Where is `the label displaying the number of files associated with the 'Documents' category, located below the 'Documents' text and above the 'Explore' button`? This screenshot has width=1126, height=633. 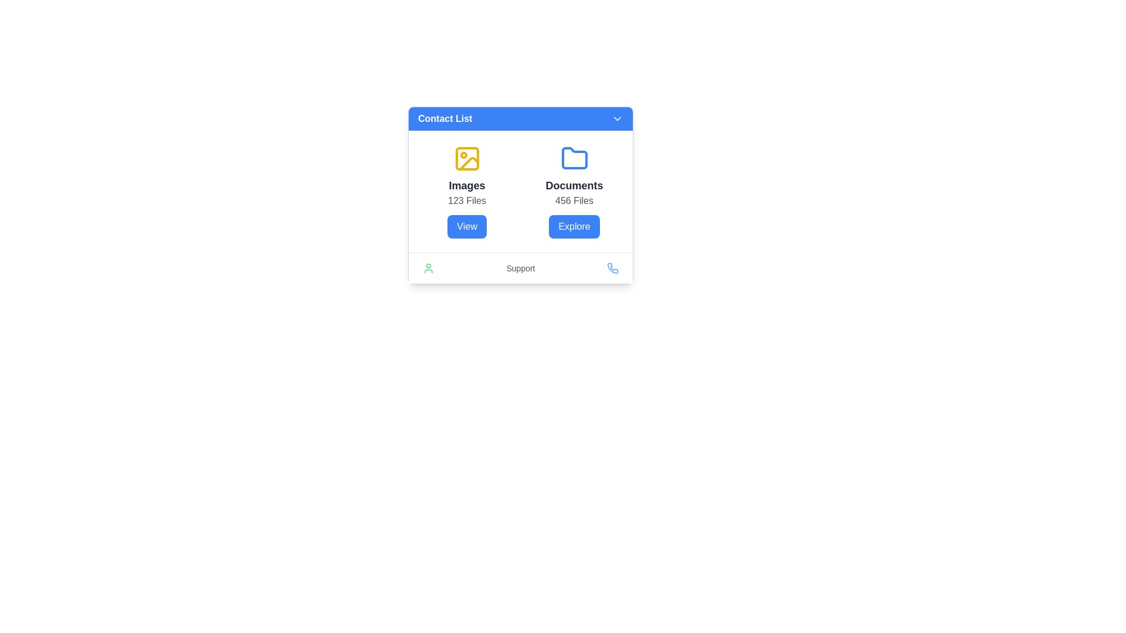 the label displaying the number of files associated with the 'Documents' category, located below the 'Documents' text and above the 'Explore' button is located at coordinates (574, 200).